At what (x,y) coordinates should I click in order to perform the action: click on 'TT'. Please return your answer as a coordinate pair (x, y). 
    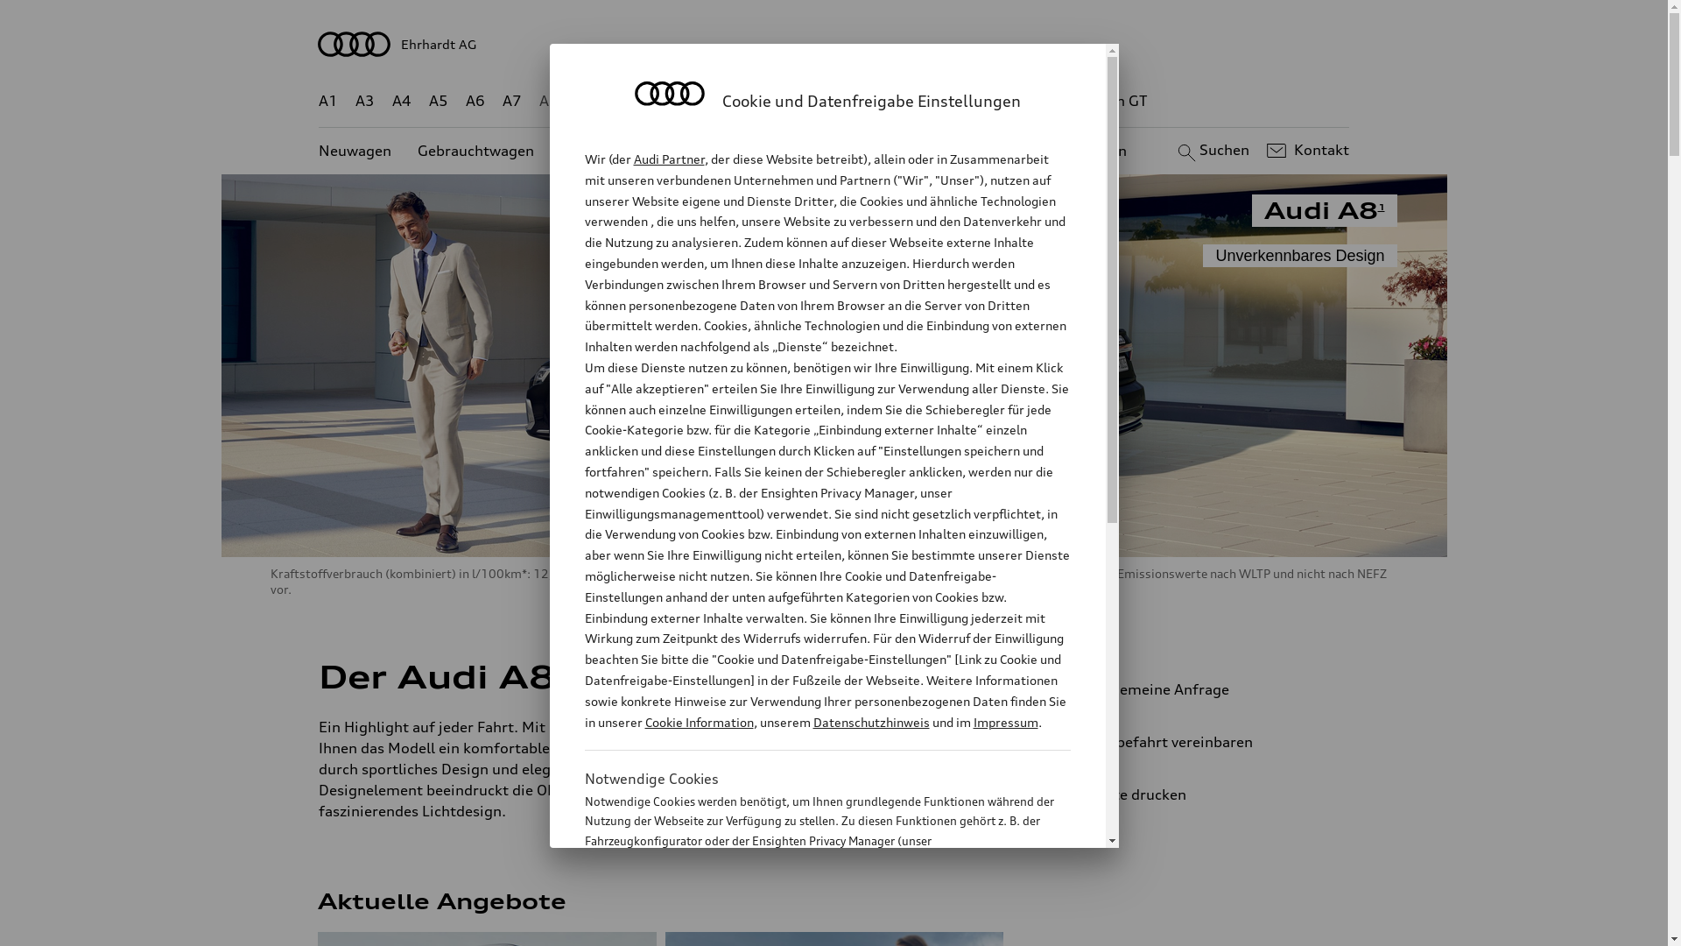
    Looking at the image, I should click on (940, 101).